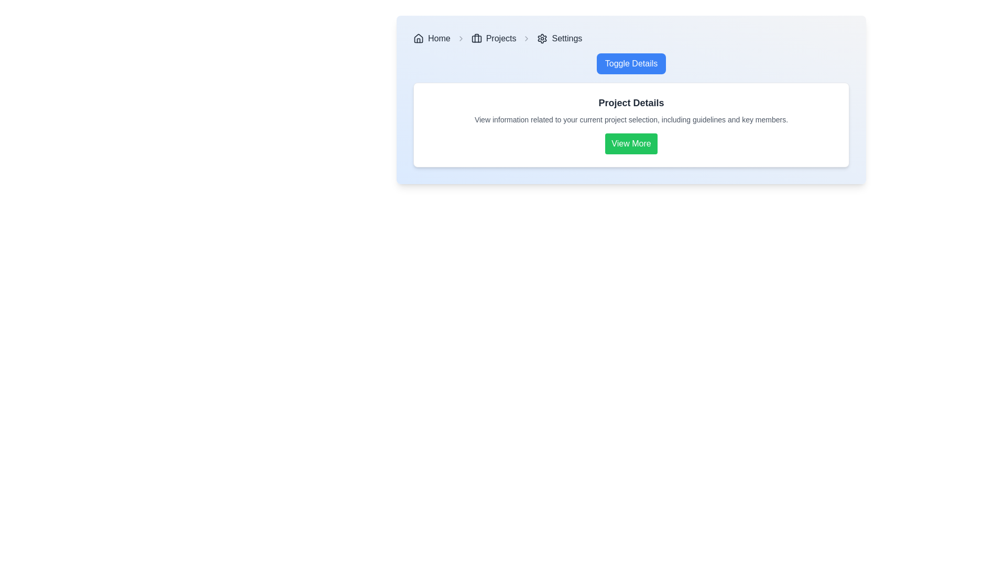 The image size is (1006, 565). Describe the element at coordinates (630, 64) in the screenshot. I see `the button located at the top-right section of the interface, which toggles the visibility of additional project details` at that location.